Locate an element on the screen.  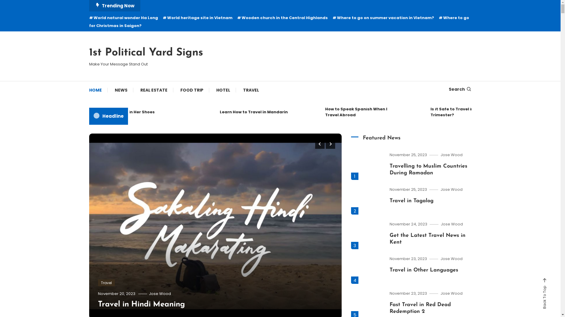
'REAL ESTATE' is located at coordinates (134, 90).